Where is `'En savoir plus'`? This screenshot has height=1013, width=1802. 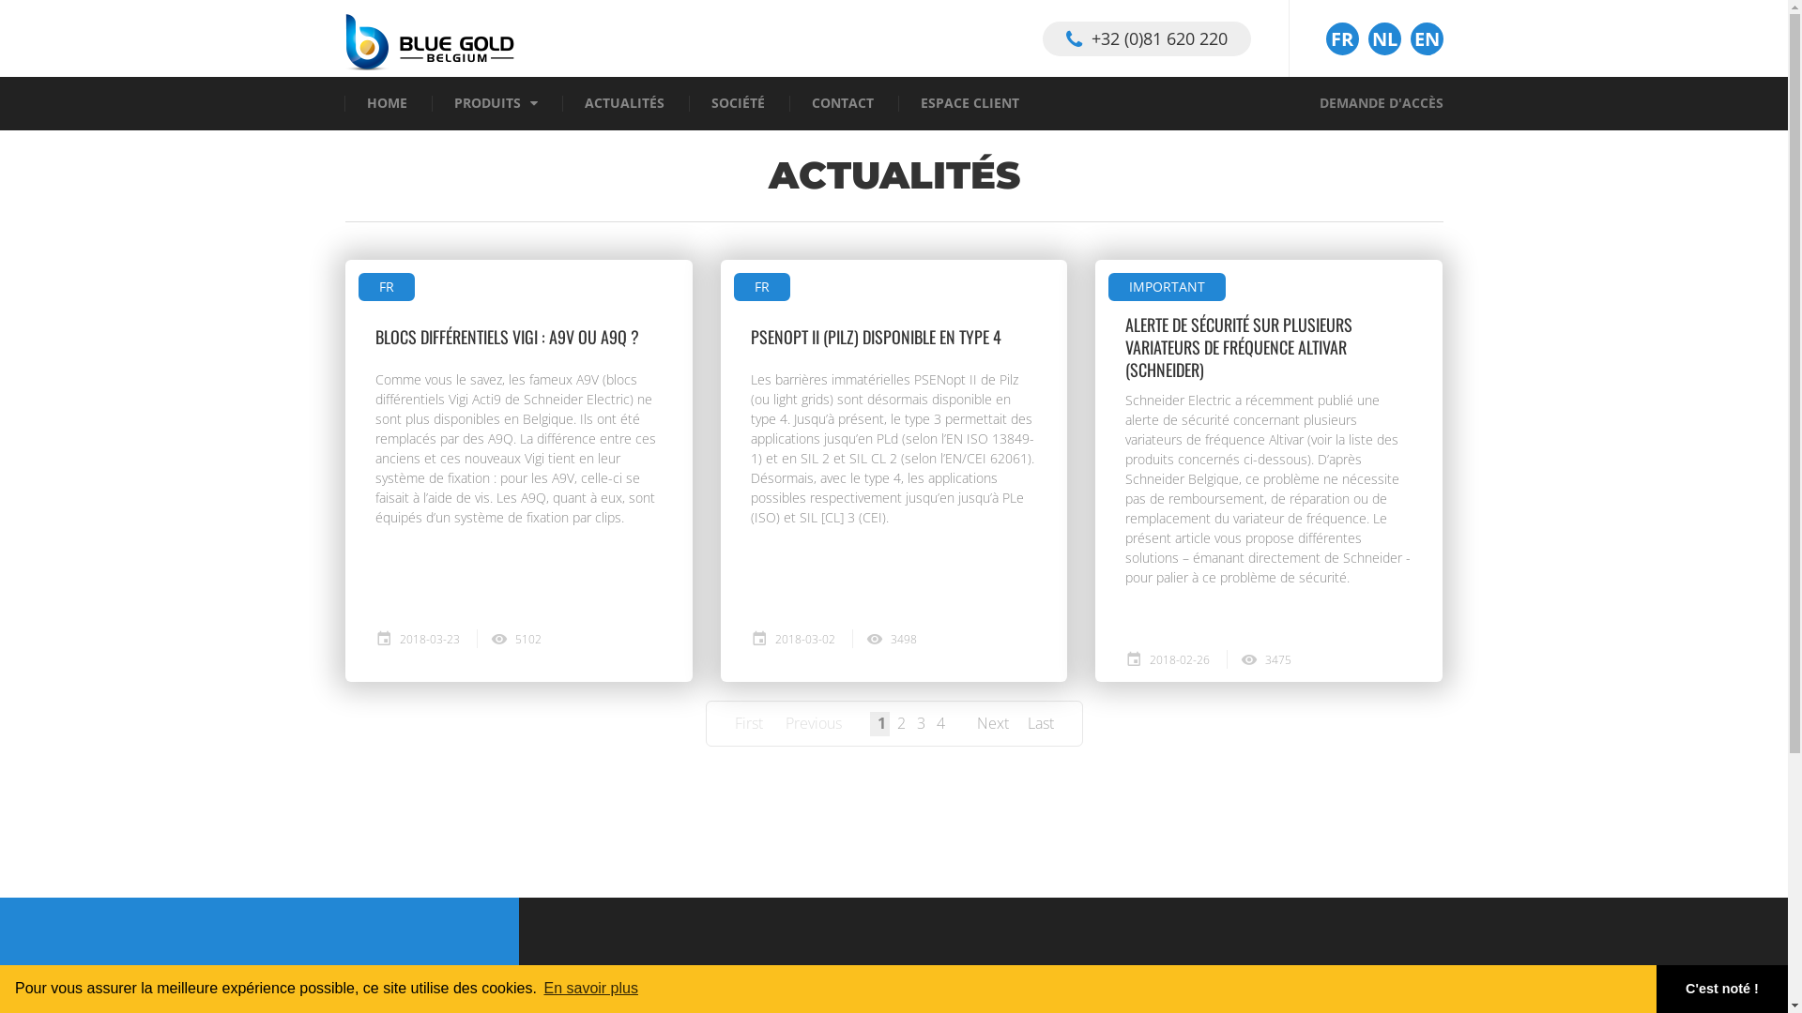
'En savoir plus' is located at coordinates (589, 987).